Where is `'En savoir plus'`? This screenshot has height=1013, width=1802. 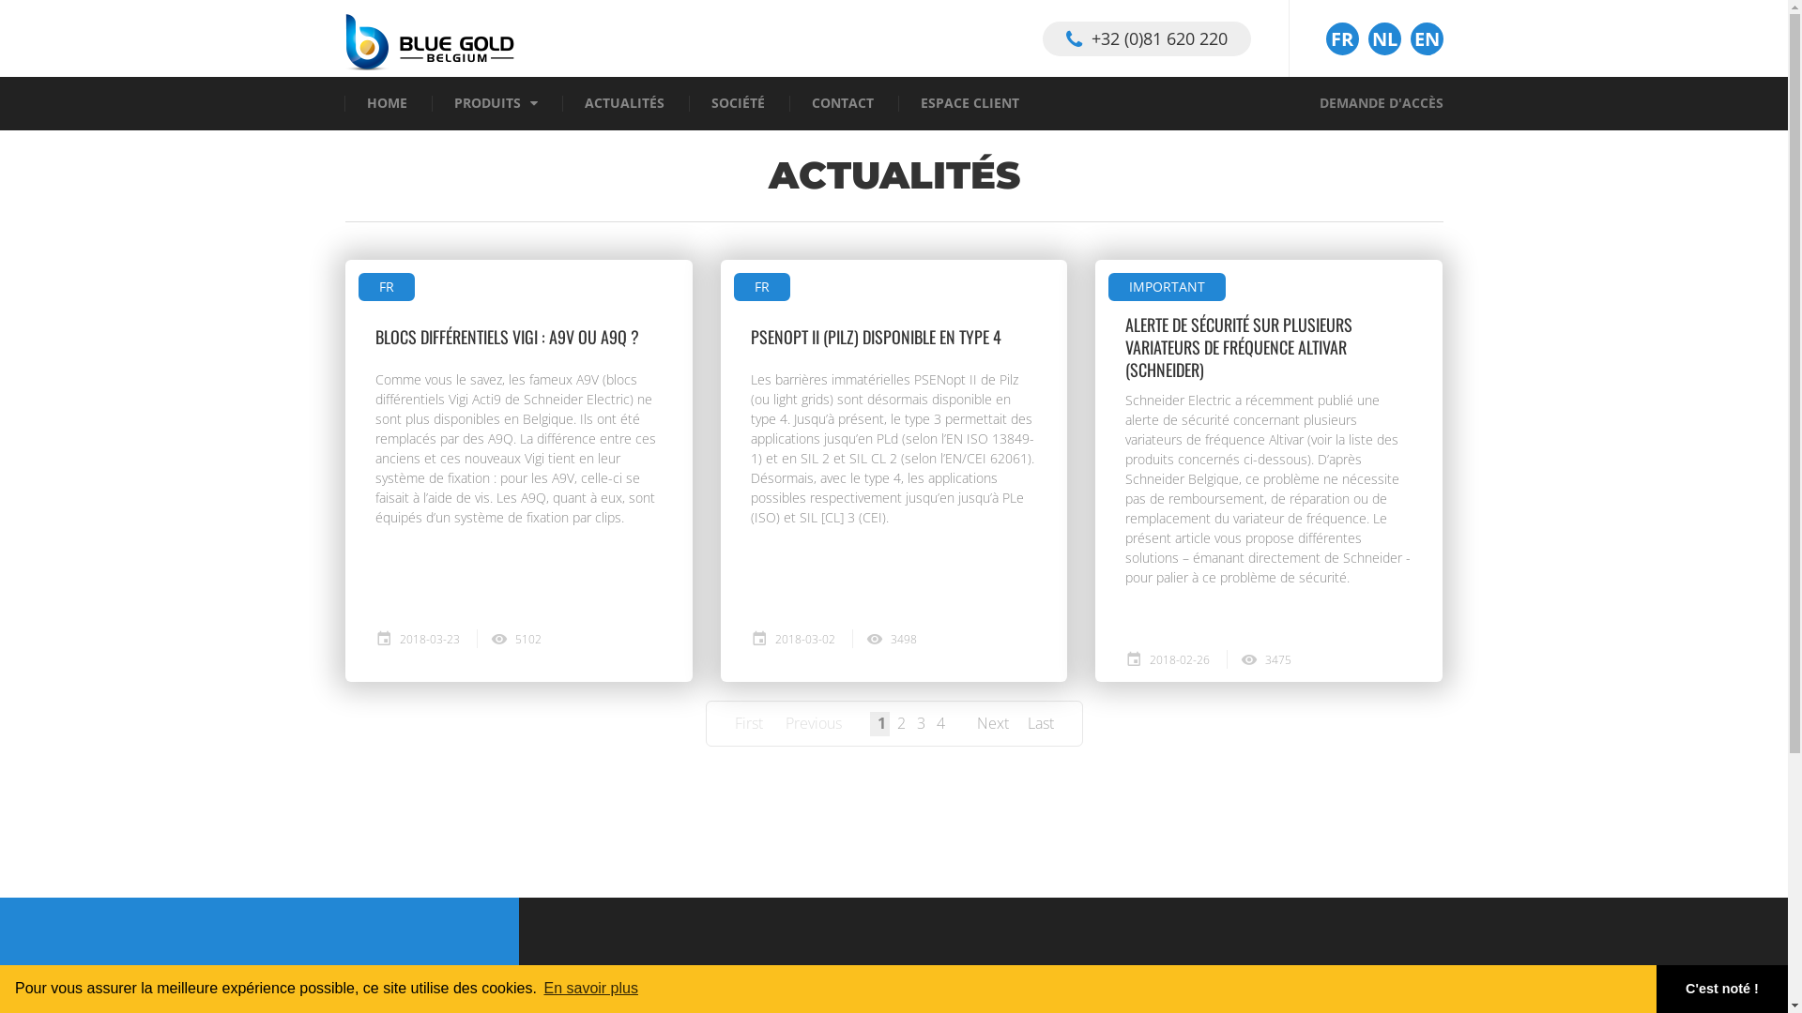
'En savoir plus' is located at coordinates (589, 987).